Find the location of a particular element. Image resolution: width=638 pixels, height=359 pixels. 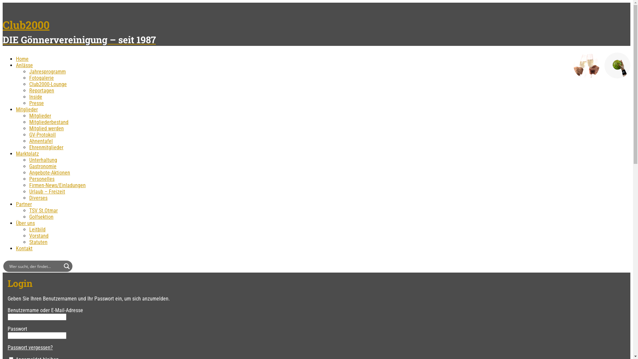

'Ehrenmitglieder' is located at coordinates (46, 147).